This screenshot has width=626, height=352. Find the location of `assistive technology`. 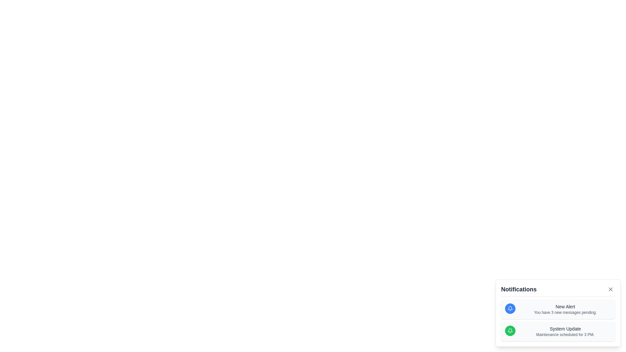

assistive technology is located at coordinates (558, 320).